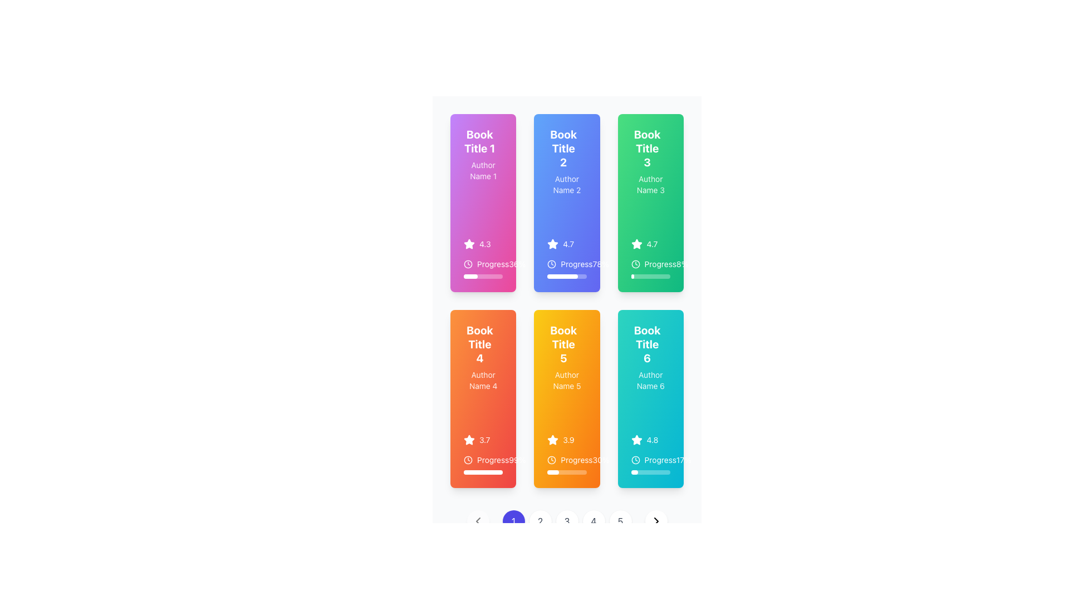 The height and width of the screenshot is (601, 1069). I want to click on the small circular button with a white background and the text '3' in gray font, so click(567, 521).